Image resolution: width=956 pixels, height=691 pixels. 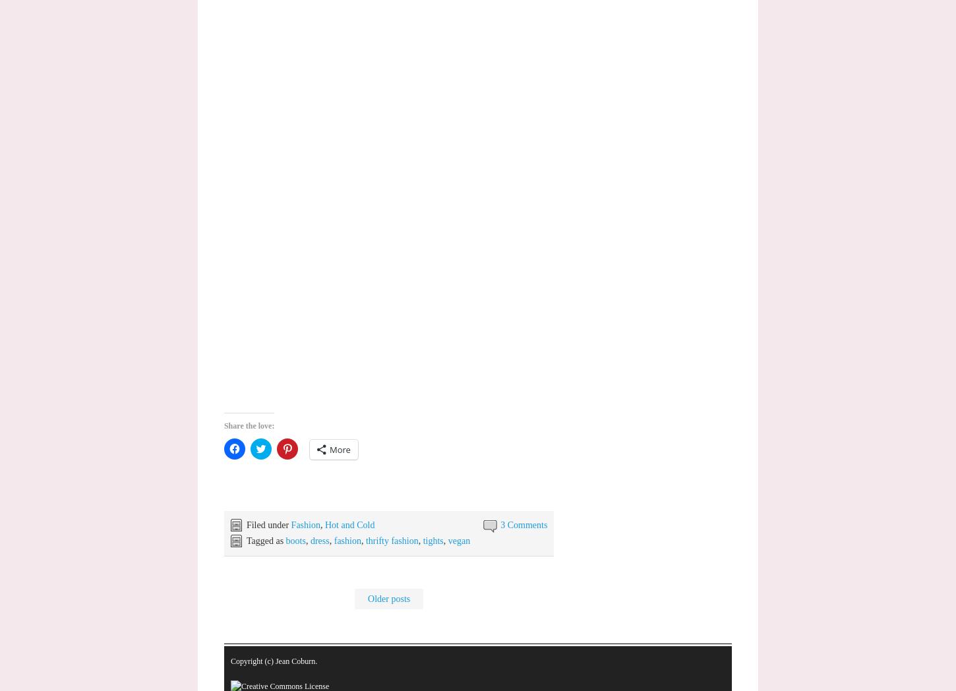 I want to click on 'Tagged as', so click(x=264, y=540).